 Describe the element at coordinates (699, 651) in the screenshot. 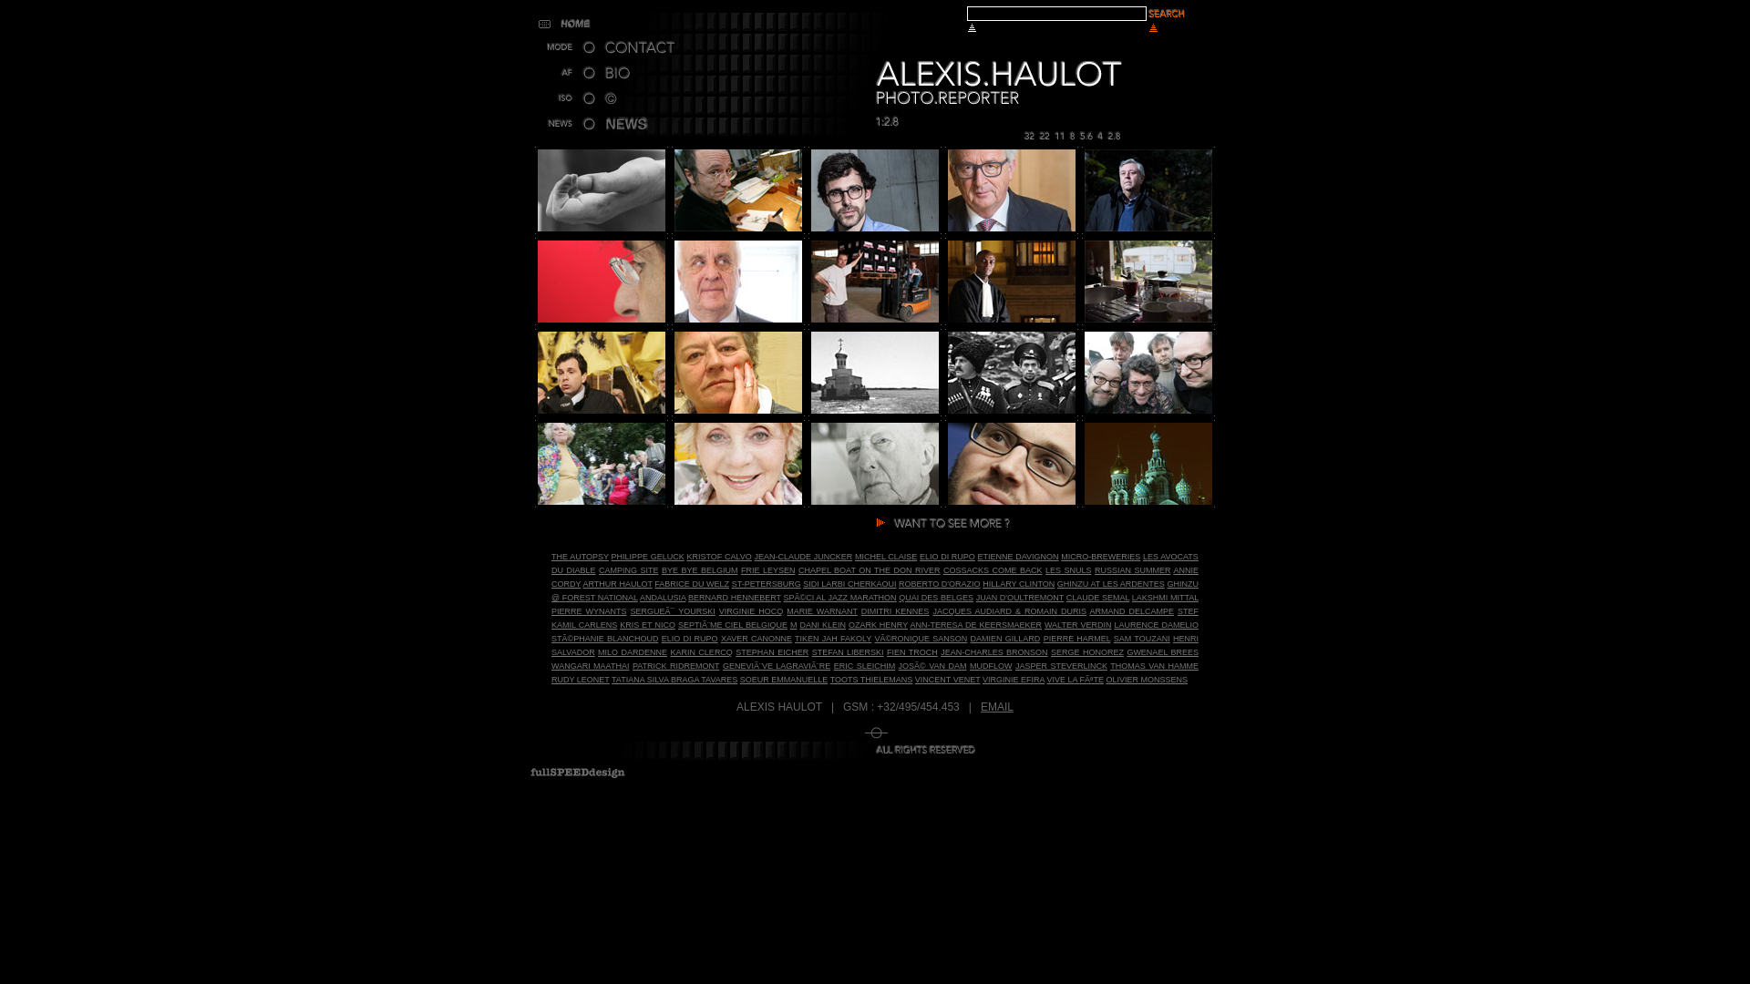

I see `'KARIN CLERCQ'` at that location.